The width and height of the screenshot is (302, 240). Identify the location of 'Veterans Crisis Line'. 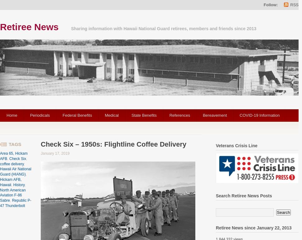
(236, 145).